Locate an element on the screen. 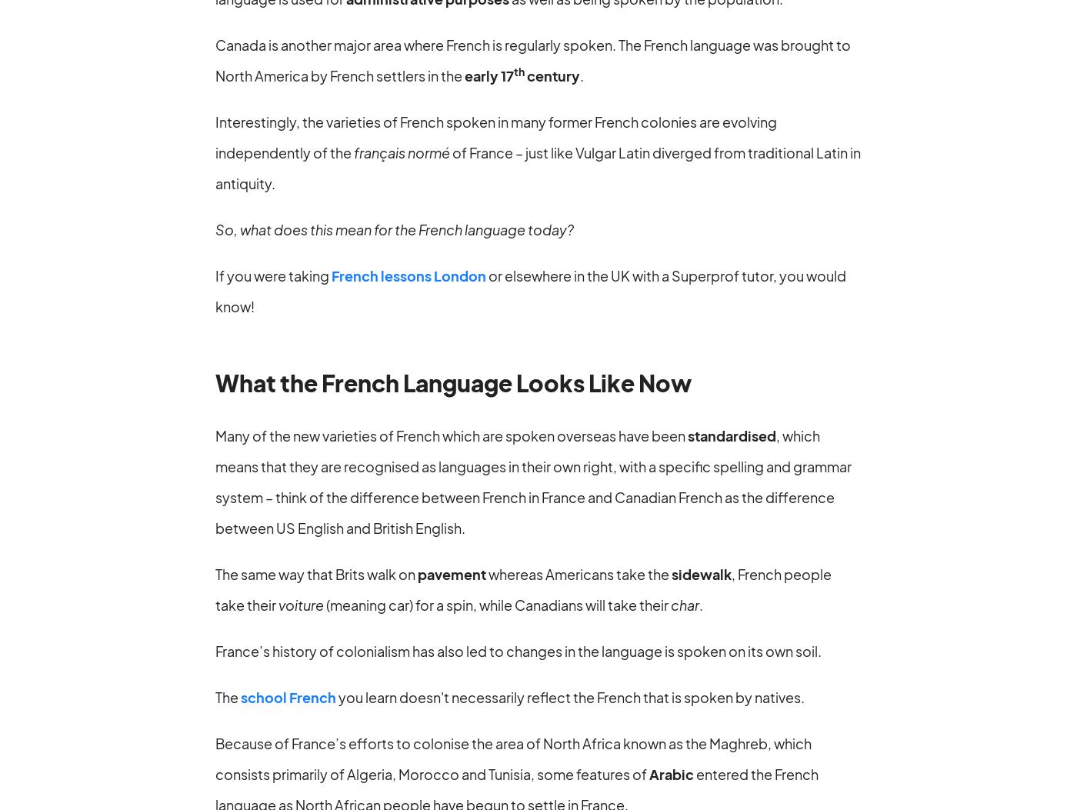  'of France – just like Vulgar Latin diverged from traditional Latin in antiquity.' is located at coordinates (538, 167).